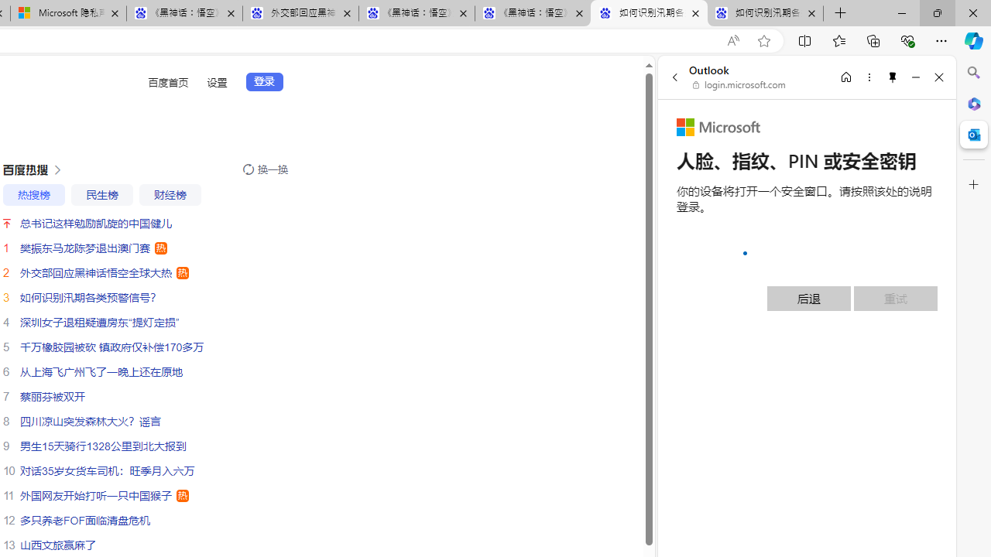 This screenshot has width=991, height=557. What do you see at coordinates (739, 85) in the screenshot?
I see `'login.microsoft.com'` at bounding box center [739, 85].